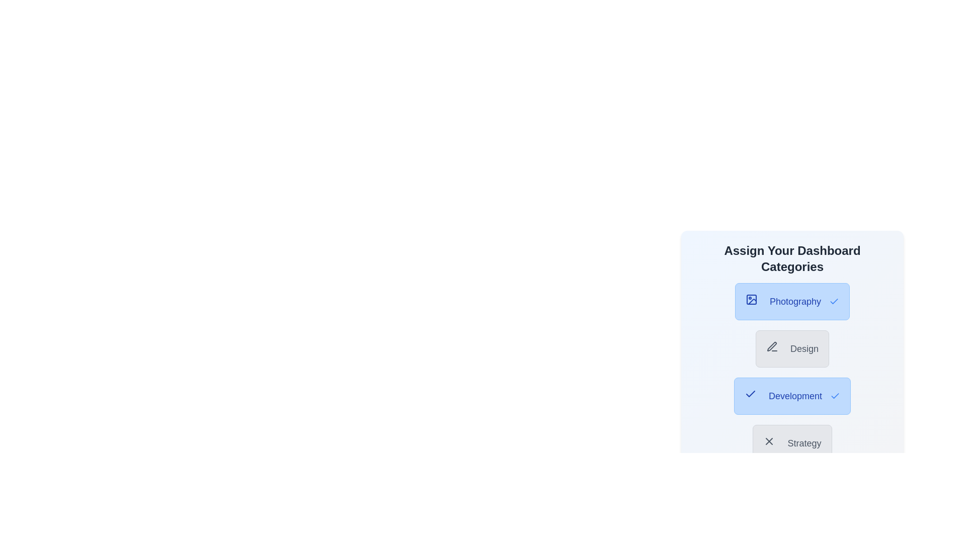  What do you see at coordinates (791, 395) in the screenshot?
I see `the category button labeled 'Development' to observe the hover effect` at bounding box center [791, 395].